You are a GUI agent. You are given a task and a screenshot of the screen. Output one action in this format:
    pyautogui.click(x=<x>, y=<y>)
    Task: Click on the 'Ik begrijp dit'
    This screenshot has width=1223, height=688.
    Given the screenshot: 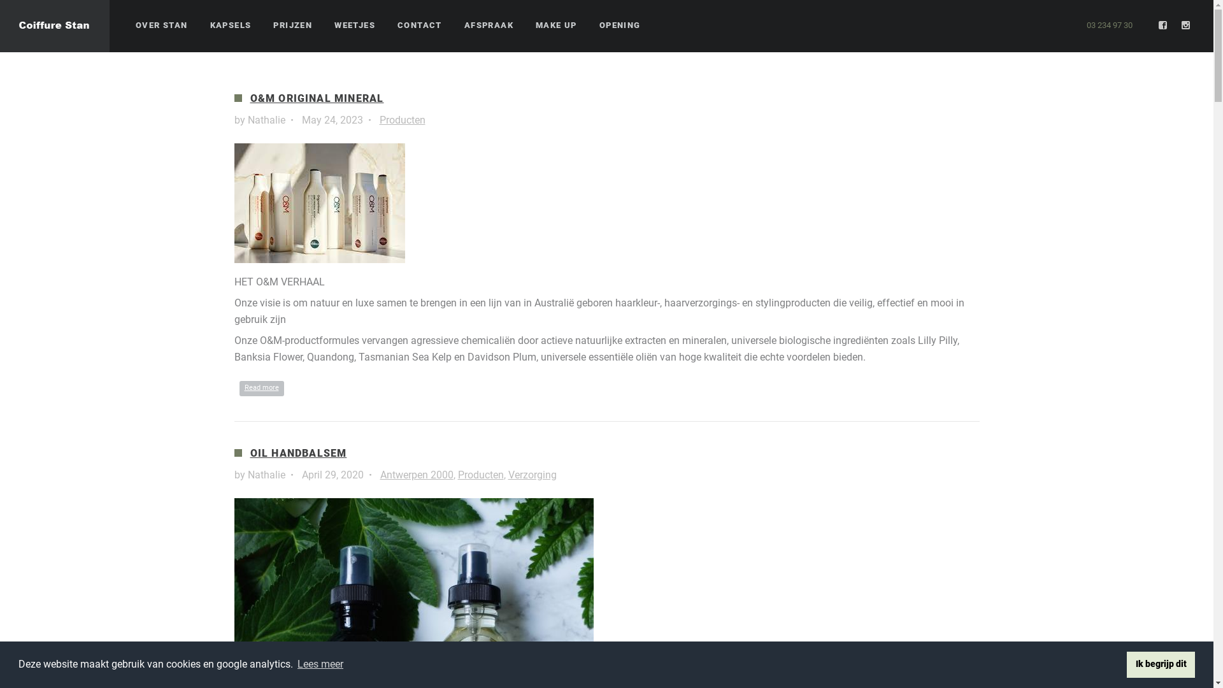 What is the action you would take?
    pyautogui.click(x=1161, y=663)
    